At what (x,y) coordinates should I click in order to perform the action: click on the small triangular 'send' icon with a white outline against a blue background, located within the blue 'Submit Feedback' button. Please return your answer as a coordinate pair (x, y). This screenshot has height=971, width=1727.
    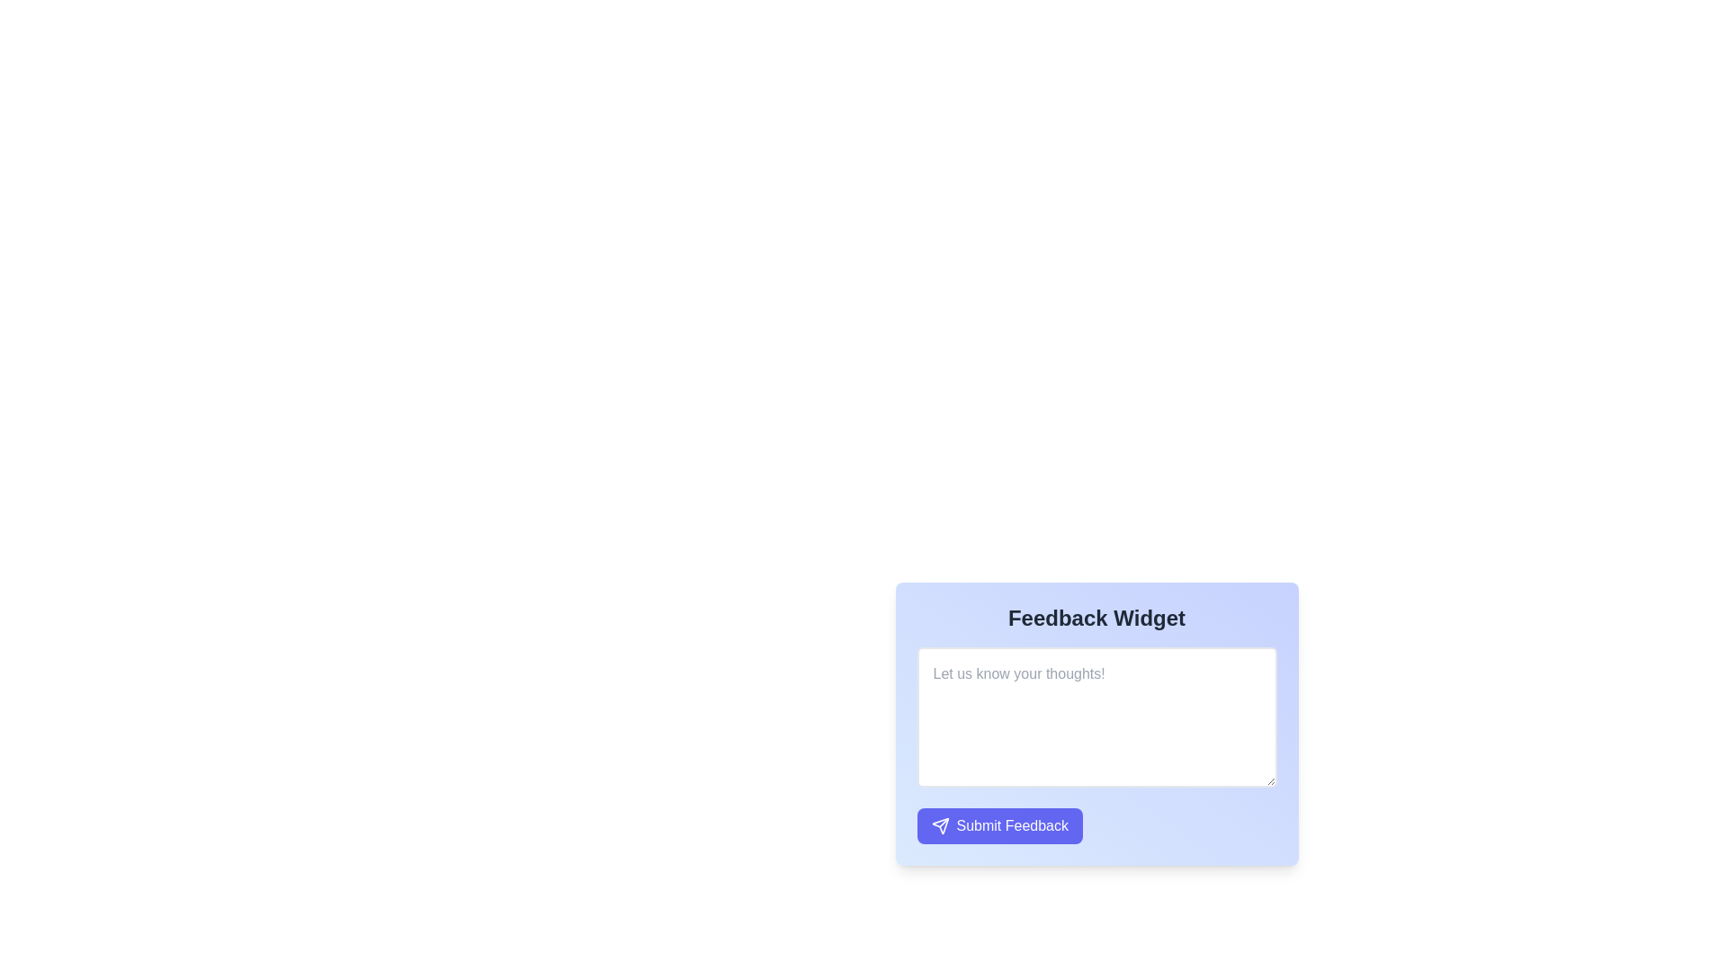
    Looking at the image, I should click on (939, 825).